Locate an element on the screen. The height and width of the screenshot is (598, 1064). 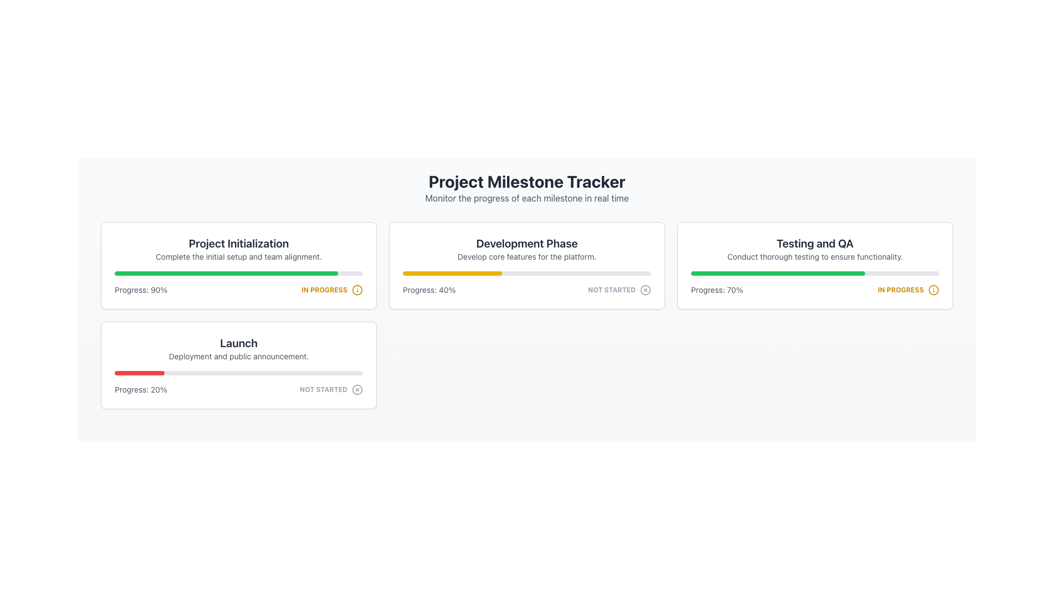
the bold, extra-large text label reading 'Project Initialization' located at the top of the module in the main interface layout is located at coordinates (238, 243).